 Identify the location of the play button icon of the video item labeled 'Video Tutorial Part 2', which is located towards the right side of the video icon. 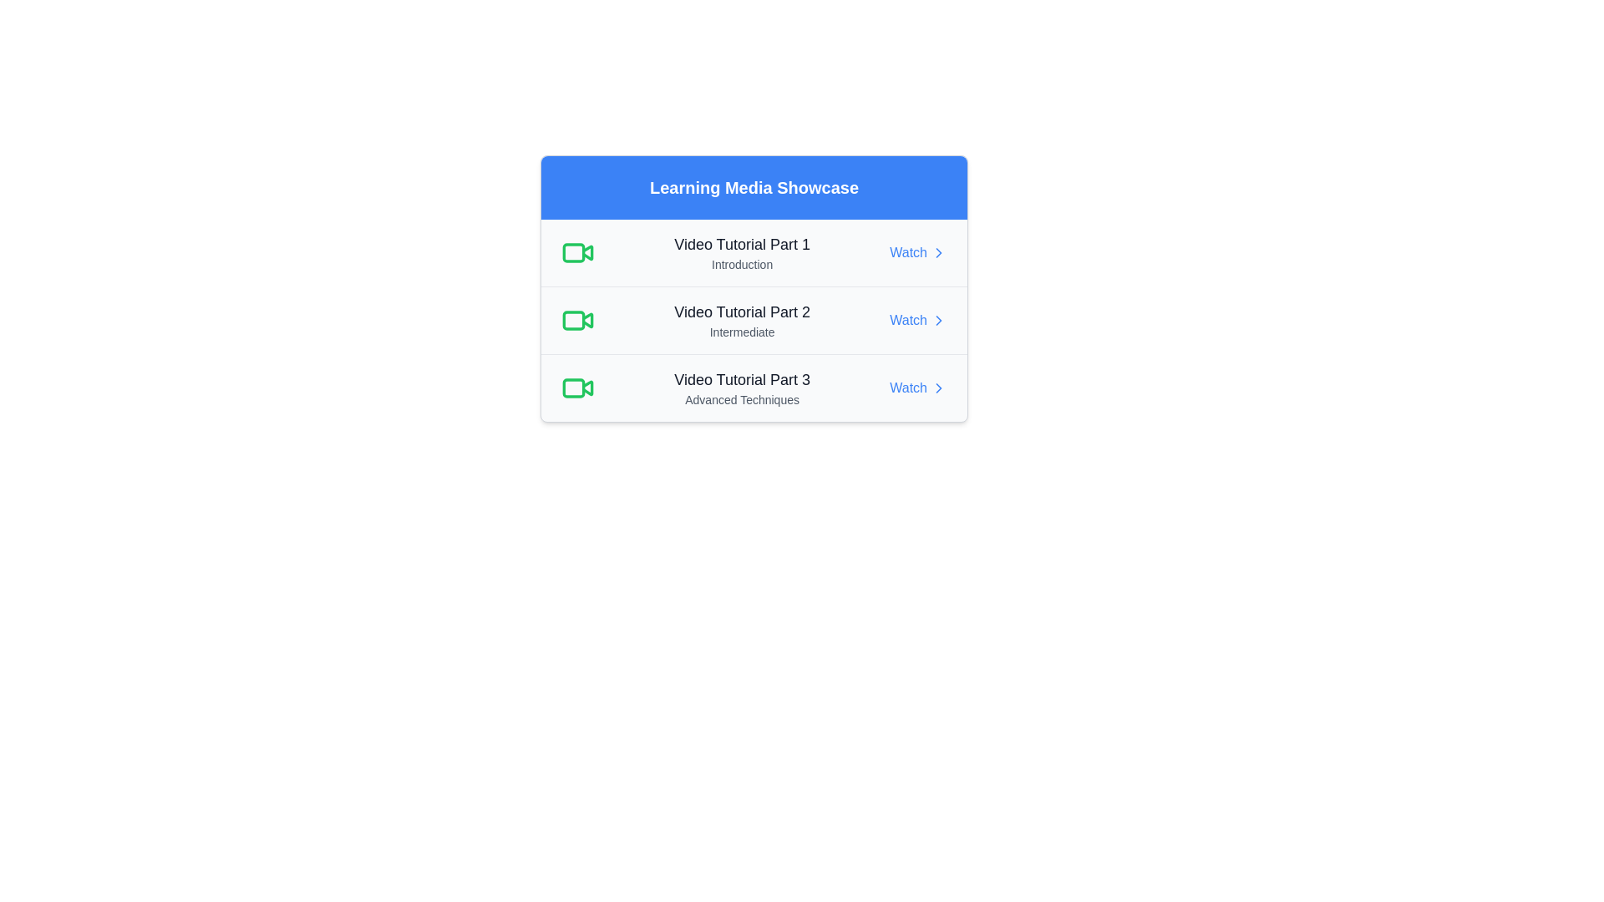
(587, 320).